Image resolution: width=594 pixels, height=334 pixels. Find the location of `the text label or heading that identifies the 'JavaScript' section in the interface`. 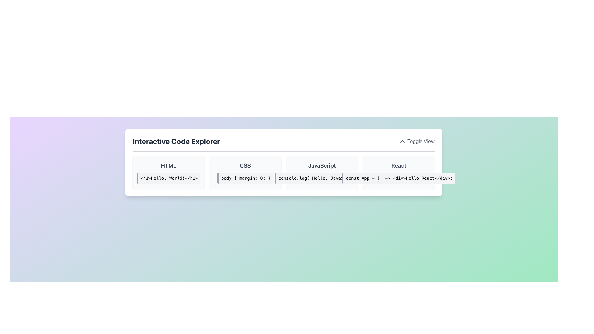

the text label or heading that identifies the 'JavaScript' section in the interface is located at coordinates (322, 165).